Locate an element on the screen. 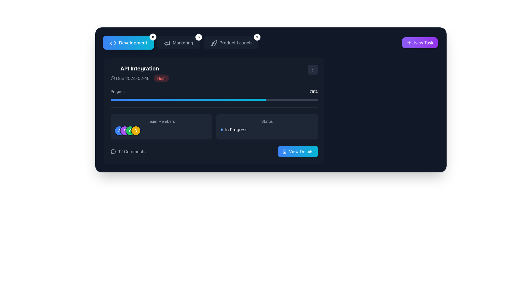  a section of the navigation bar is located at coordinates (271, 42).